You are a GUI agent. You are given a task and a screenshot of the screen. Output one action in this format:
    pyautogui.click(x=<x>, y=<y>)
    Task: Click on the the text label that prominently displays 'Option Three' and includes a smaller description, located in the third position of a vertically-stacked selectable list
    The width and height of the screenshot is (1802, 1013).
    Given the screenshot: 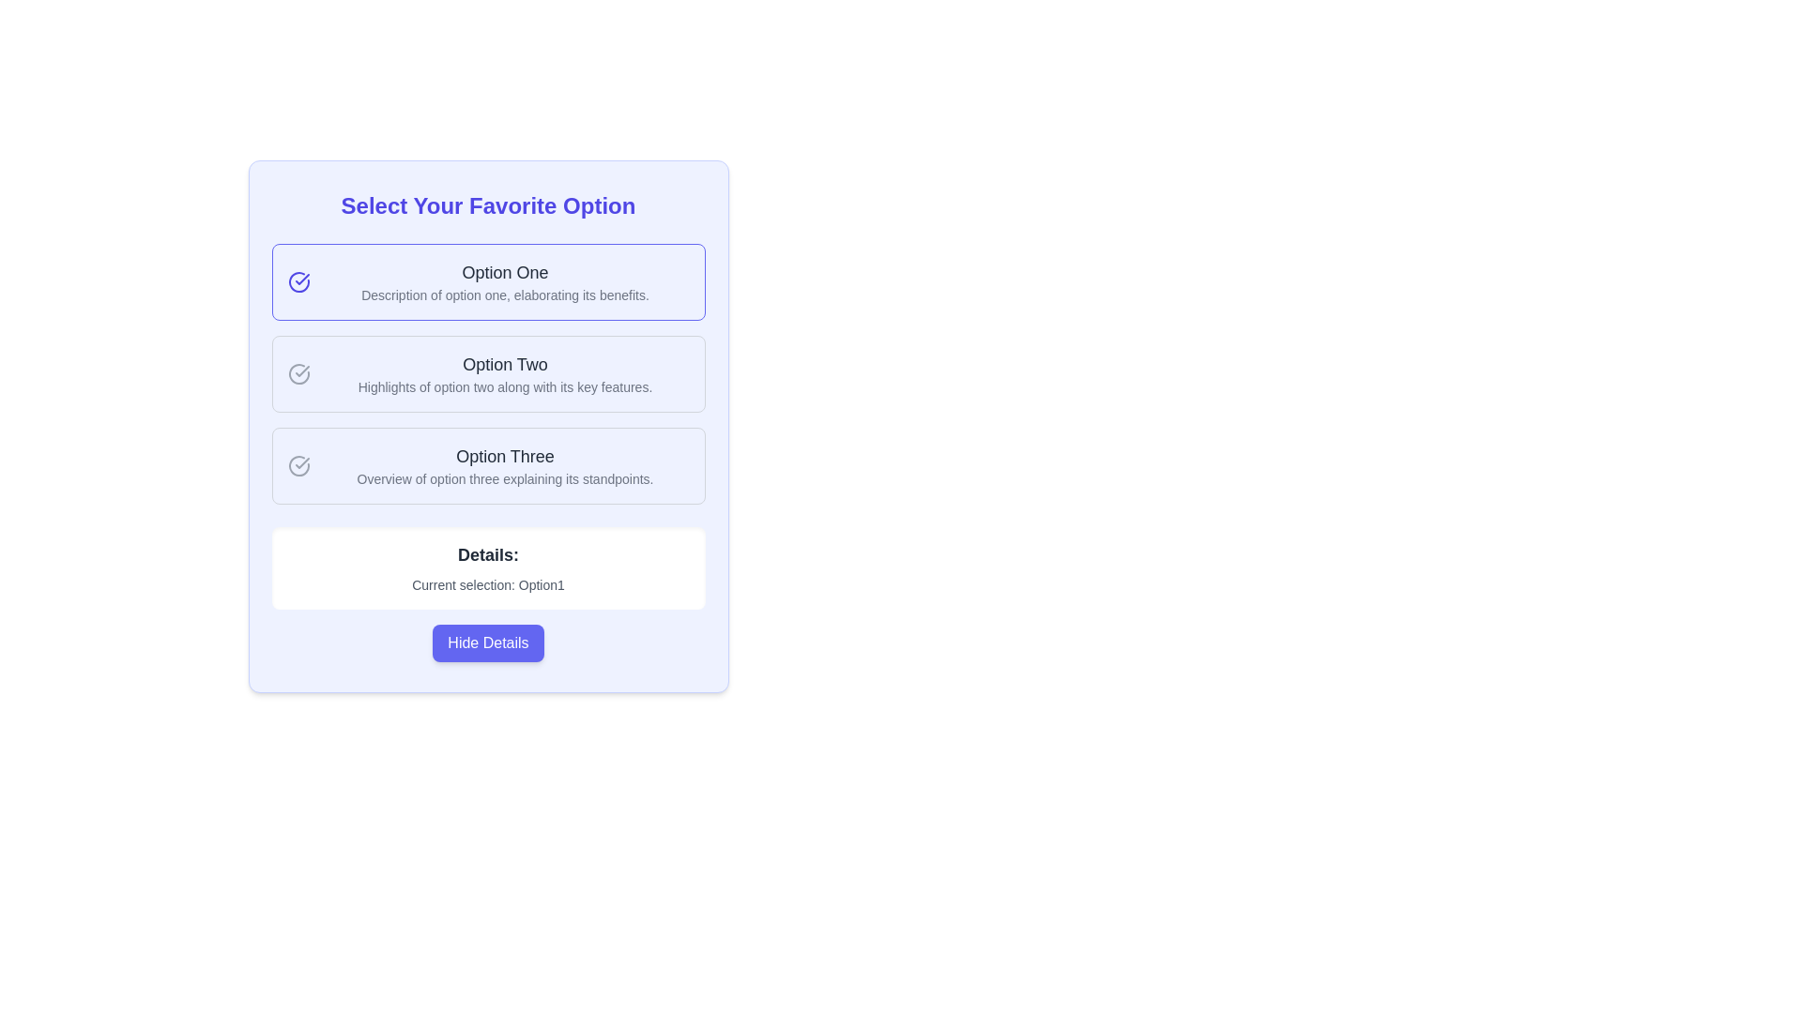 What is the action you would take?
    pyautogui.click(x=505, y=465)
    